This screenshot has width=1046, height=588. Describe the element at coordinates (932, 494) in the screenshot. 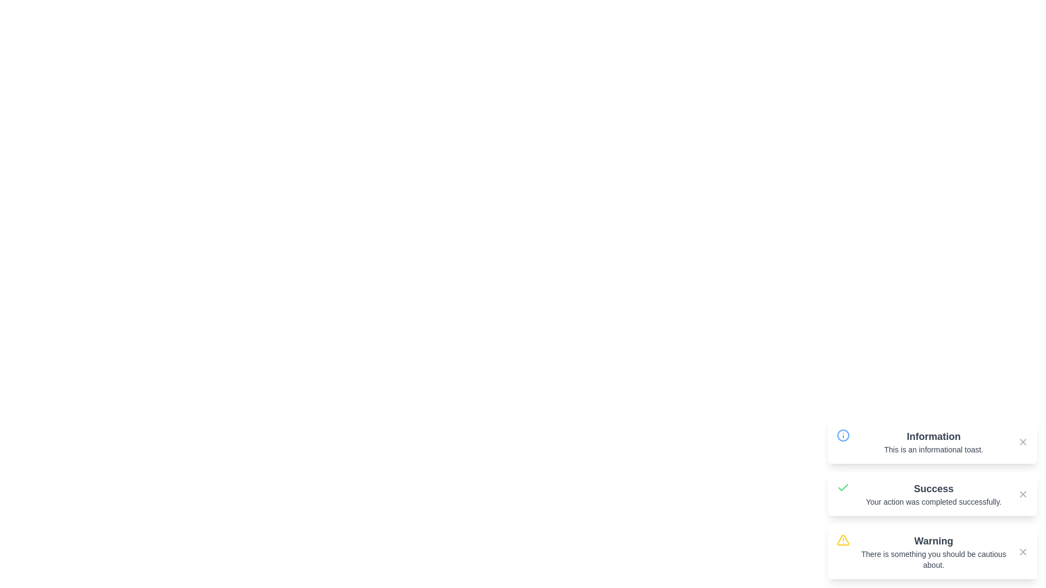

I see `the second notification toast which indicates a successful action, located at the bottom-right corner of the interface` at that location.